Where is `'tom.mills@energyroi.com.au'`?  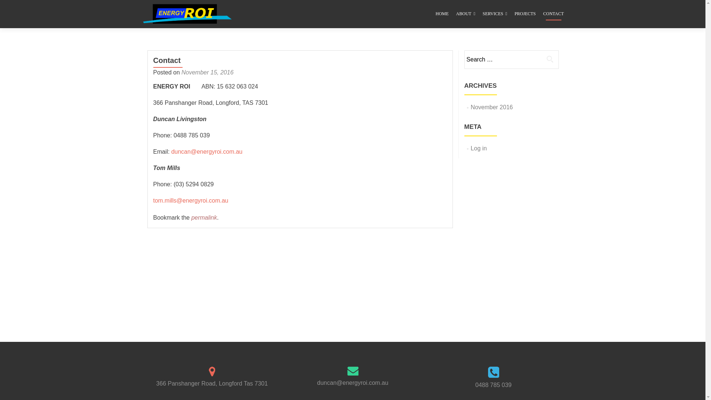 'tom.mills@energyroi.com.au' is located at coordinates (191, 200).